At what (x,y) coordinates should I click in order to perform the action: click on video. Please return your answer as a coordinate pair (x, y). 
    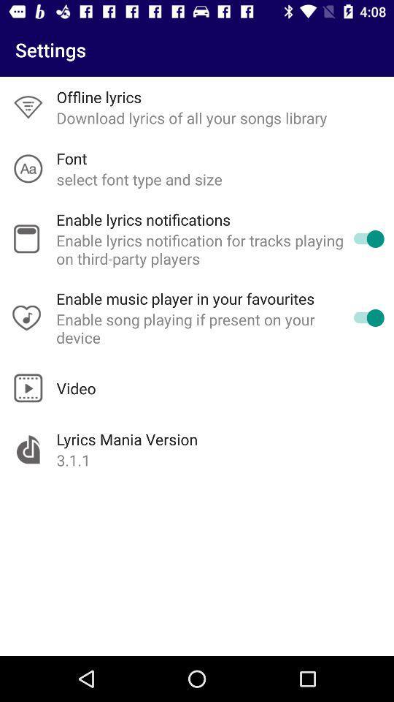
    Looking at the image, I should click on (76, 387).